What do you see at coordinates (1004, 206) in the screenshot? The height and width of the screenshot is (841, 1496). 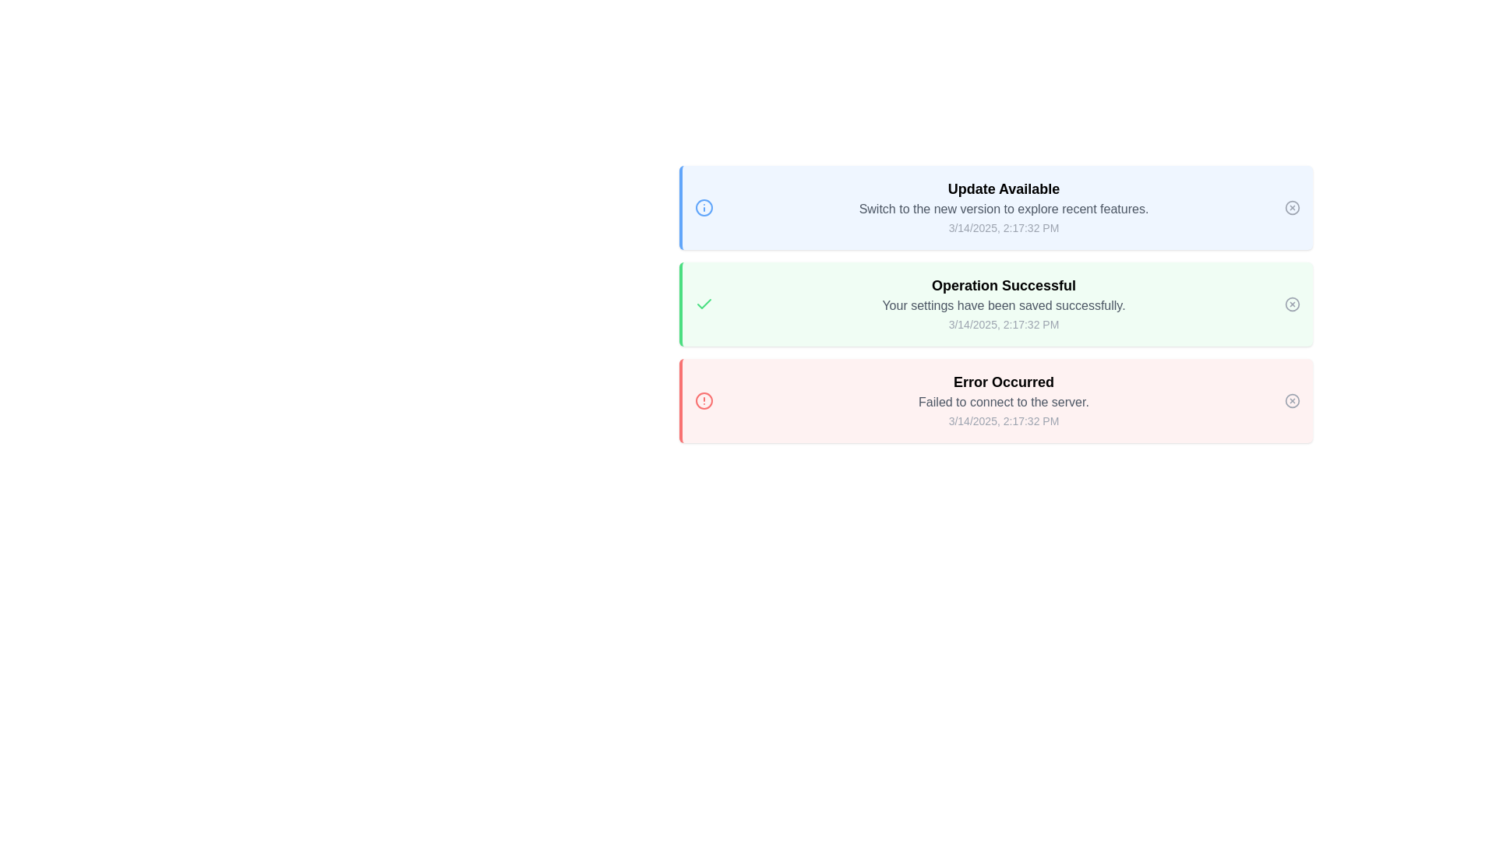 I see `the Notification Card located at the top of the notification stack, just above the 'Operation Successful' green card and the 'Error Occurred' red card` at bounding box center [1004, 206].